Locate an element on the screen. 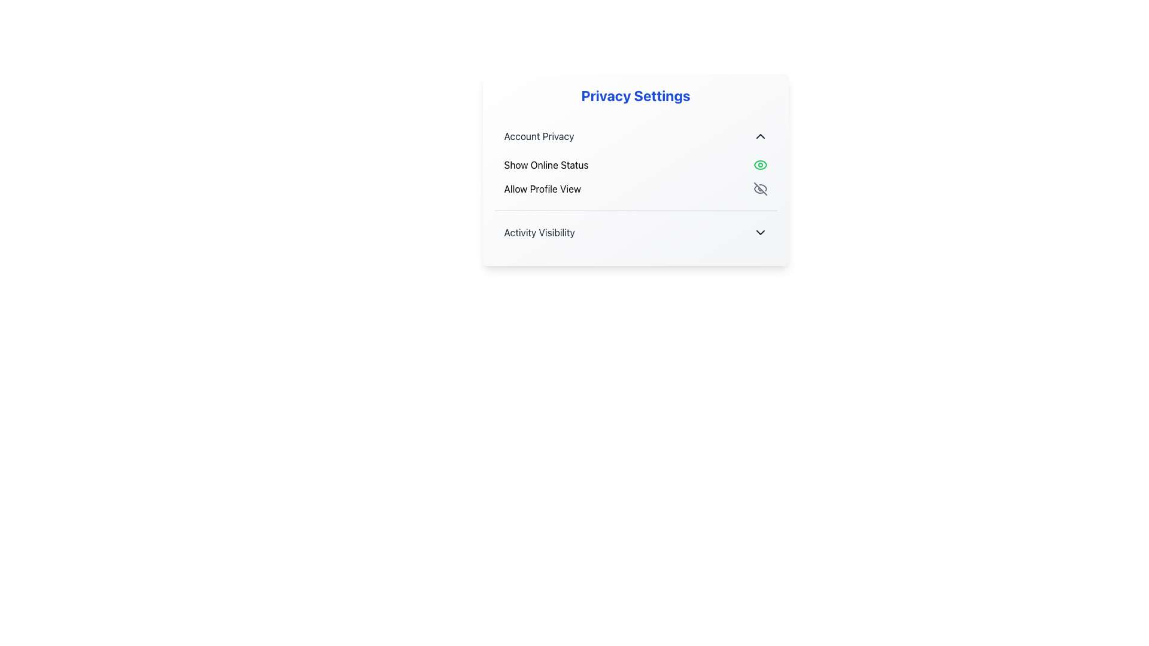 The height and width of the screenshot is (646, 1149). the 'Activity Visibility' text label located in the 'Privacy Settings' section, below the 'Allow Profile View' option is located at coordinates (539, 233).